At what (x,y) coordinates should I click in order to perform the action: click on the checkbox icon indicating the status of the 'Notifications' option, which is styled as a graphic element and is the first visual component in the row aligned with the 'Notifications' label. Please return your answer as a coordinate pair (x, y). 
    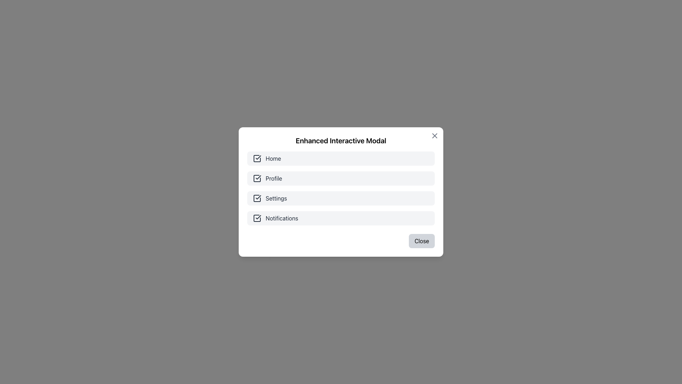
    Looking at the image, I should click on (257, 218).